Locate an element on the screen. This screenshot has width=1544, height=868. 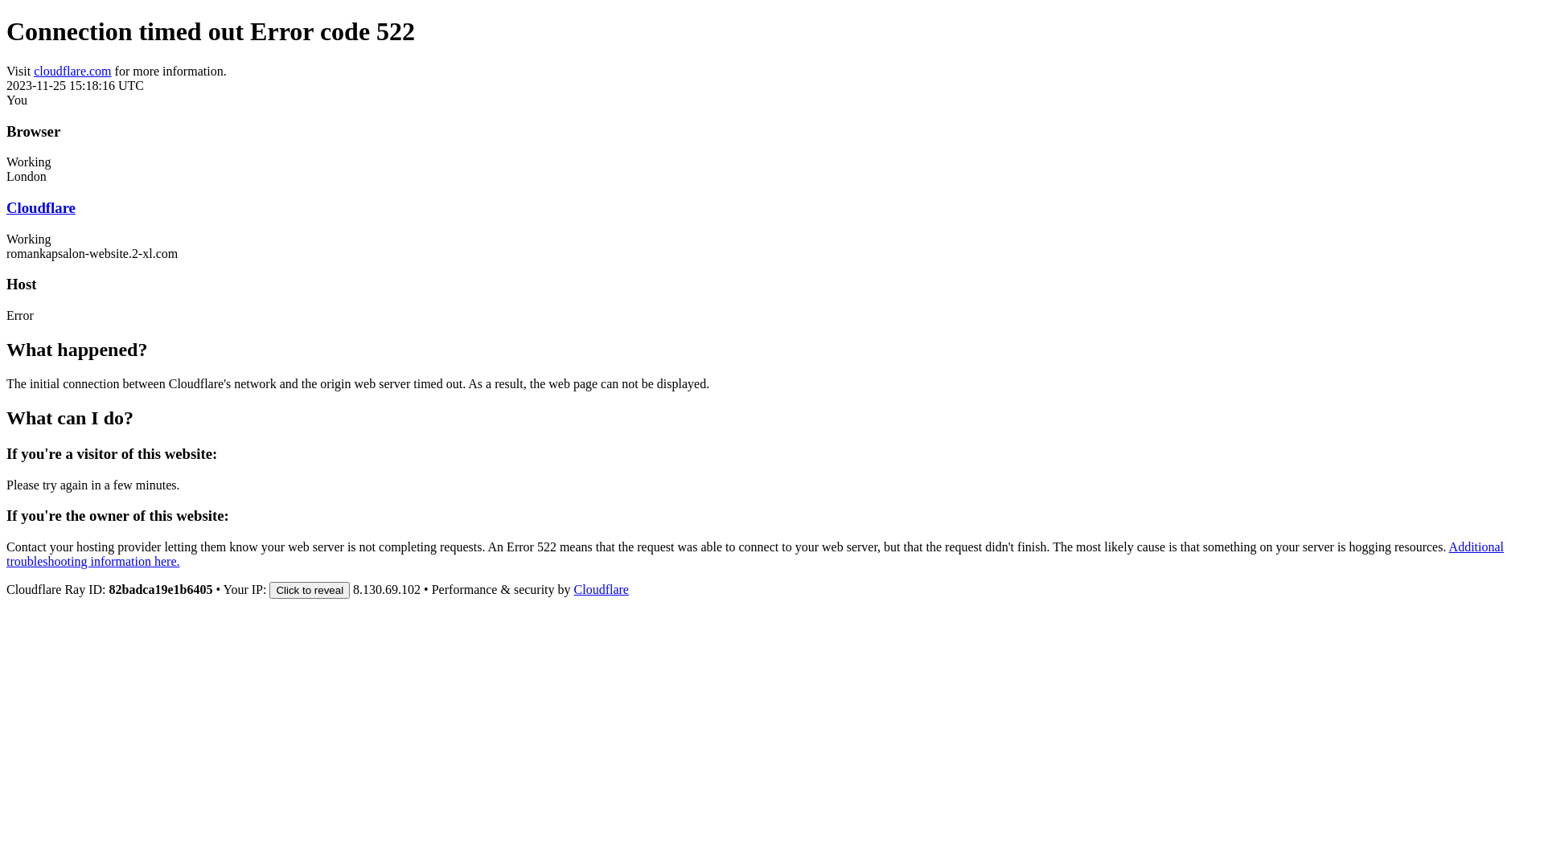
'Click to reveal' is located at coordinates (309, 590).